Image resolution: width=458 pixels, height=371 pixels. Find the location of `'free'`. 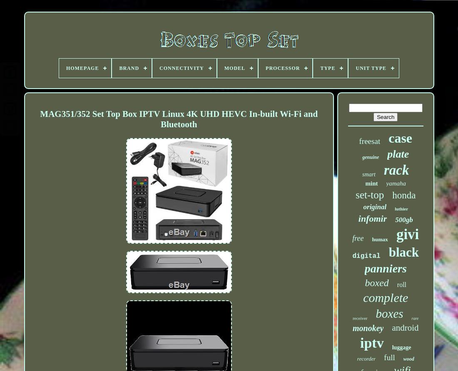

'free' is located at coordinates (357, 238).